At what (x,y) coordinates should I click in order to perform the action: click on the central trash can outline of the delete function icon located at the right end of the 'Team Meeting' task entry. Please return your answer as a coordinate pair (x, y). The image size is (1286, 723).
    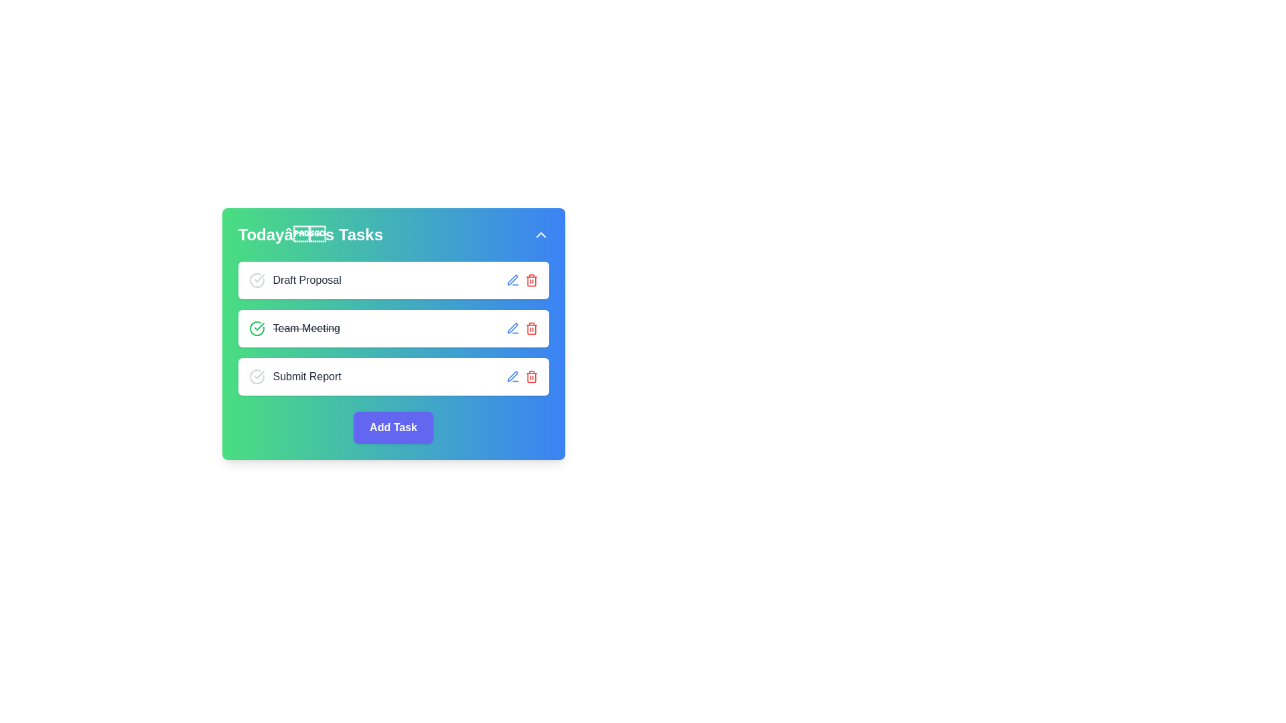
    Looking at the image, I should click on (530, 378).